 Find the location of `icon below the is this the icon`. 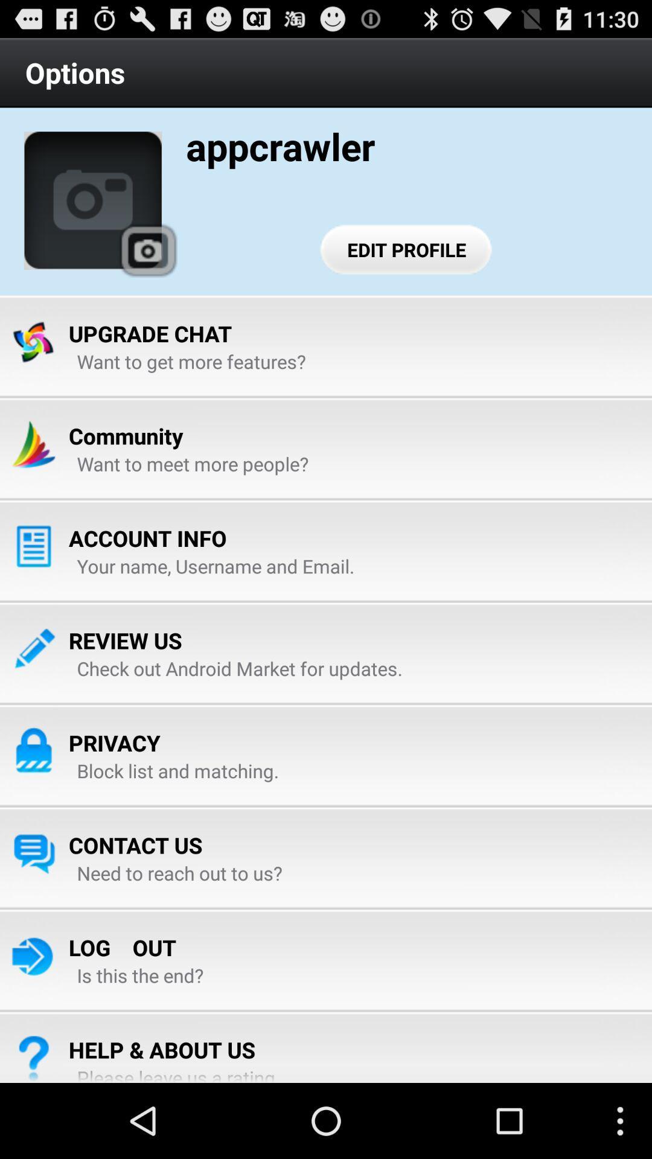

icon below the is this the icon is located at coordinates (161, 1049).